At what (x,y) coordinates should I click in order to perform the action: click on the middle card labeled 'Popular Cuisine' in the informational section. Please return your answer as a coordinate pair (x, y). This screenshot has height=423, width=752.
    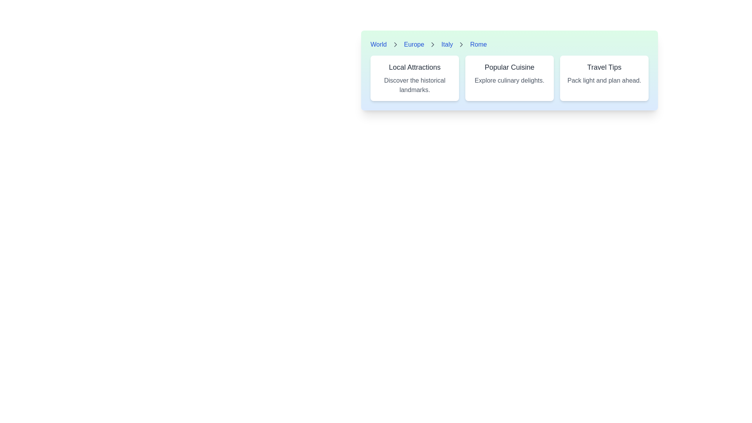
    Looking at the image, I should click on (509, 78).